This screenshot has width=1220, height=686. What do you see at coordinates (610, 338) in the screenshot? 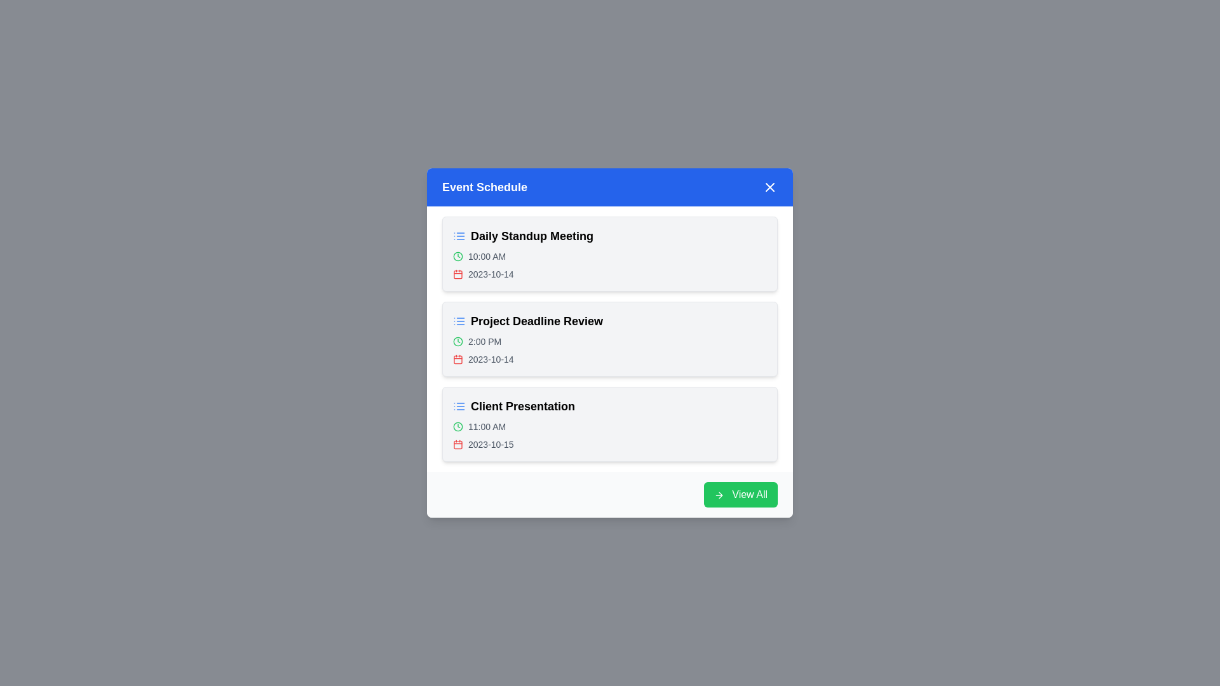
I see `the Schedule item displaying 'Project Deadline Review' which is located between 'Daily Standup Meeting' and 'Client Presentation'` at bounding box center [610, 338].